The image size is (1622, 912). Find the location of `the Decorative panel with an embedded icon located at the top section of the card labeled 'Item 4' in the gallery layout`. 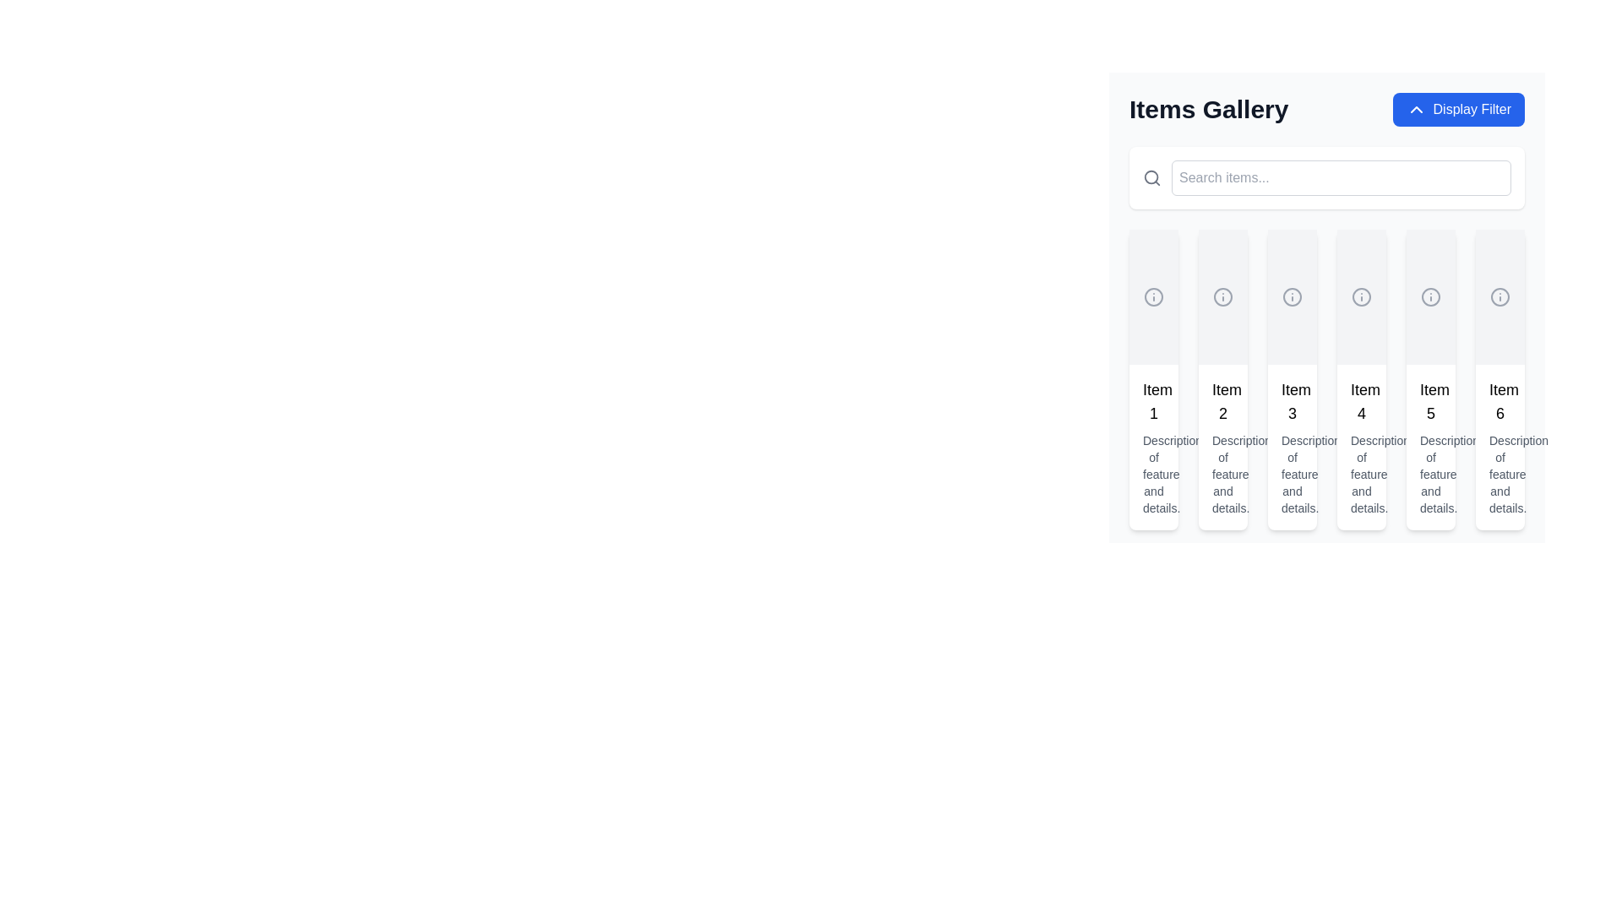

the Decorative panel with an embedded icon located at the top section of the card labeled 'Item 4' in the gallery layout is located at coordinates (1362, 296).